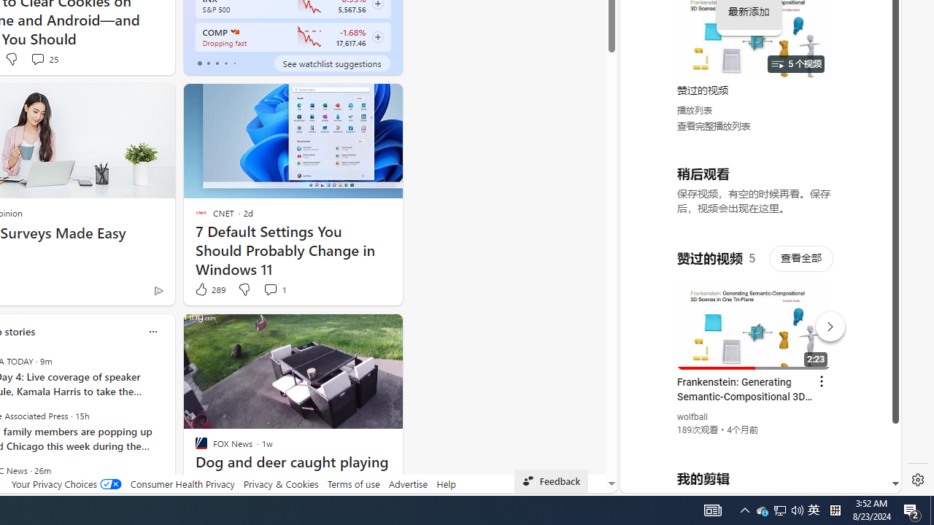  I want to click on 'See watchlist suggestions', so click(331, 63).